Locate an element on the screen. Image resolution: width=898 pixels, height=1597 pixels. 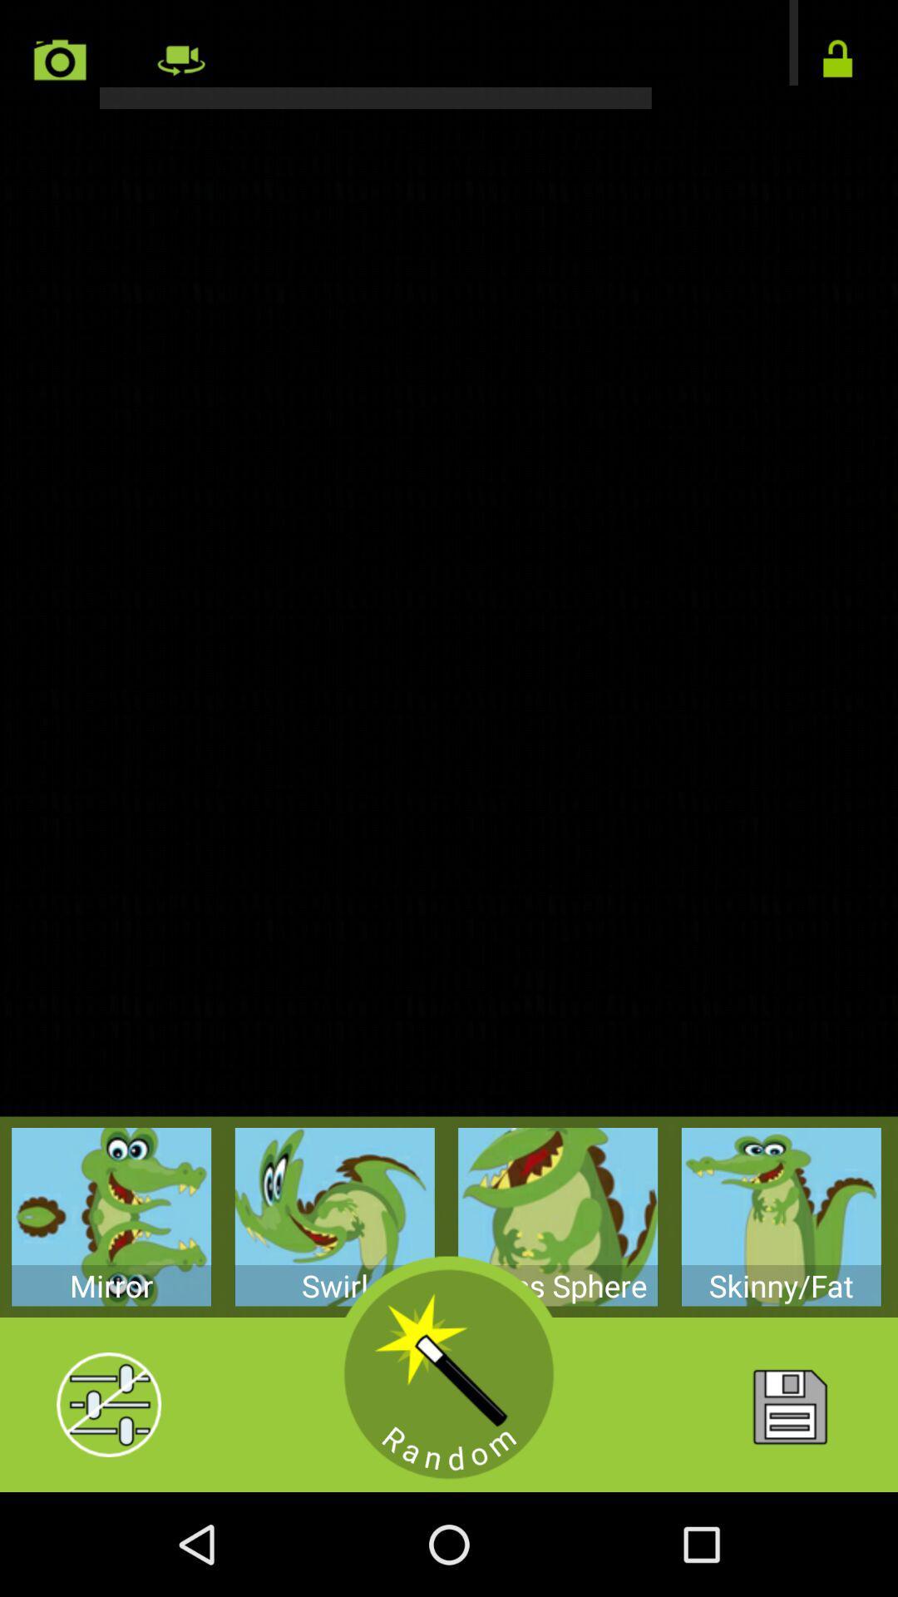
the photo icon is located at coordinates (59, 64).